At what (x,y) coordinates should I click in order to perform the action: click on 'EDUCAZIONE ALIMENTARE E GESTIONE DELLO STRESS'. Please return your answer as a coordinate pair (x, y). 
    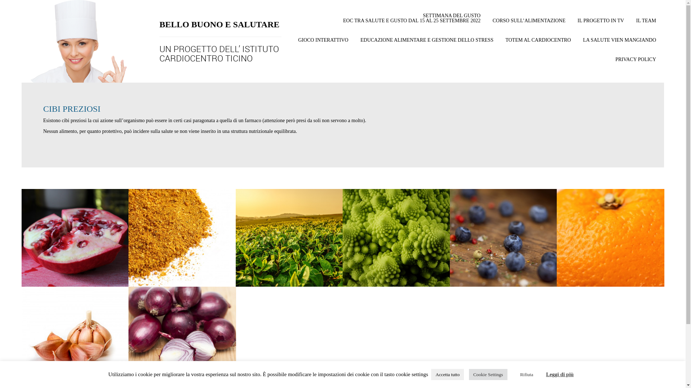
    Looking at the image, I should click on (426, 44).